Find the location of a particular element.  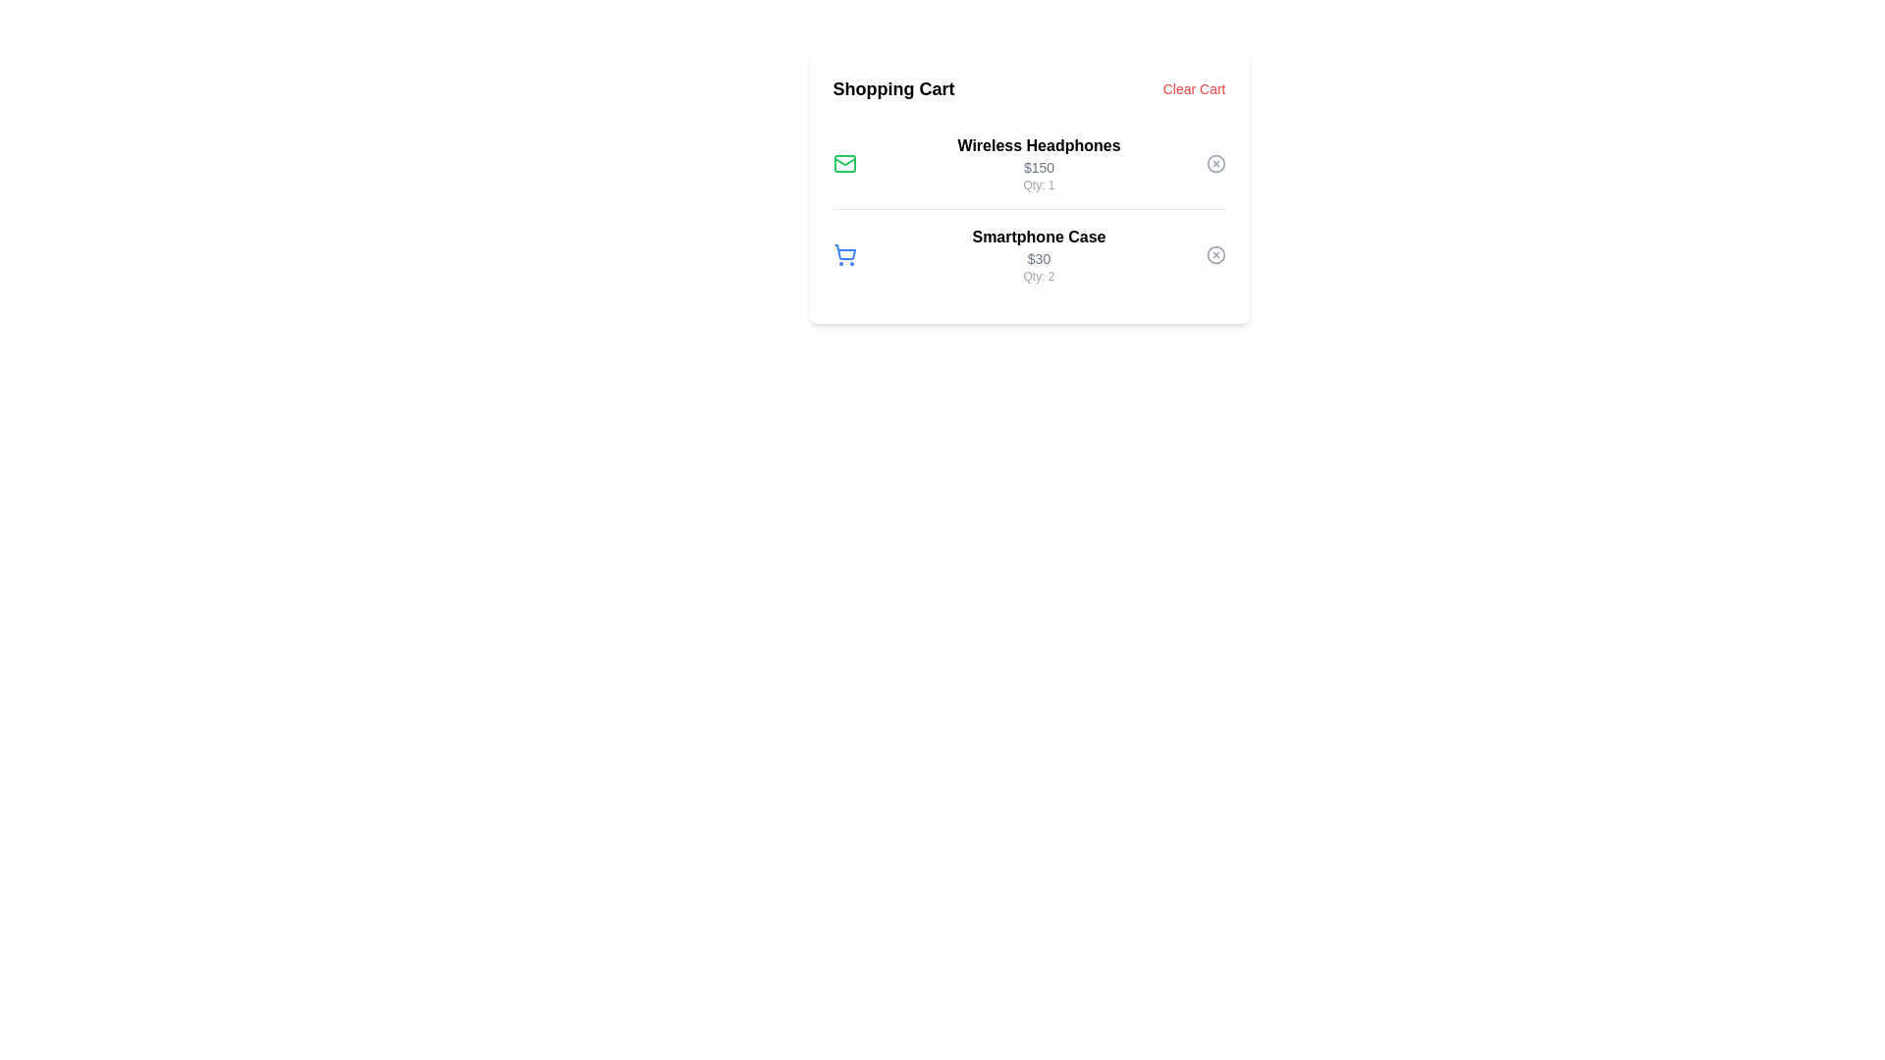

the graphical representation of the shopping cart icon, which features a blue stroke and a simplistic design, located adjacent to the 'Smartphone Case' item in the shopping cart interface is located at coordinates (844, 251).